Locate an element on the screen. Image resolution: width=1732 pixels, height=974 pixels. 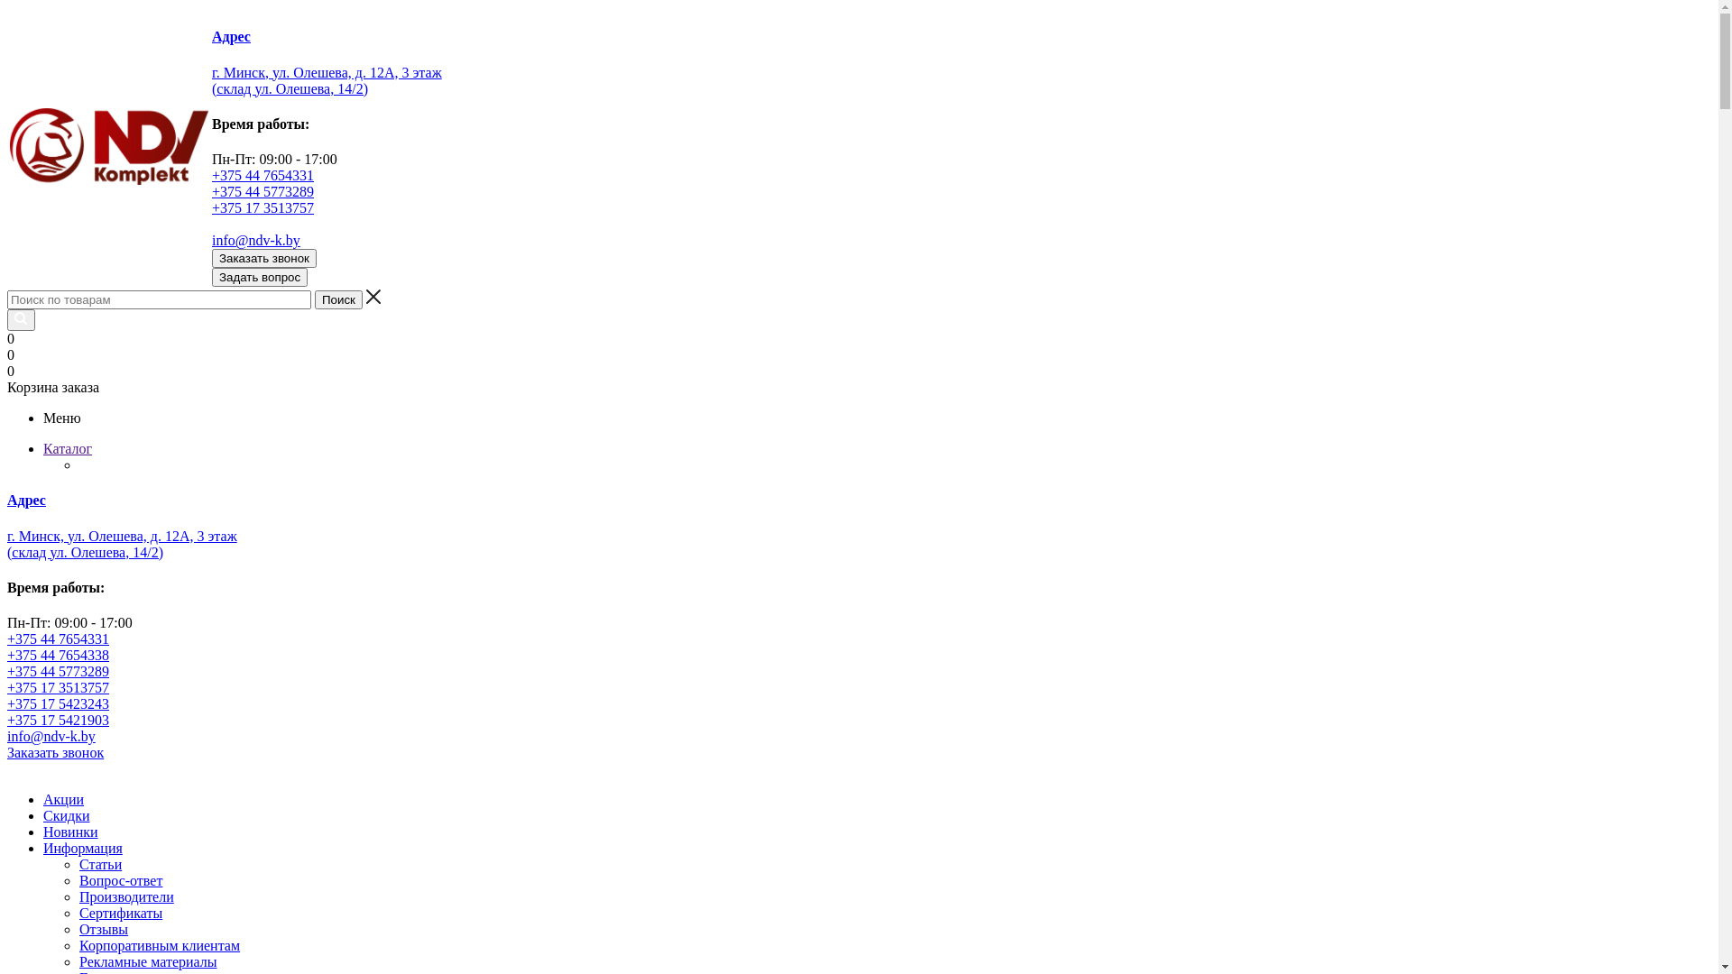
'+375 44 5773289' is located at coordinates (58, 671).